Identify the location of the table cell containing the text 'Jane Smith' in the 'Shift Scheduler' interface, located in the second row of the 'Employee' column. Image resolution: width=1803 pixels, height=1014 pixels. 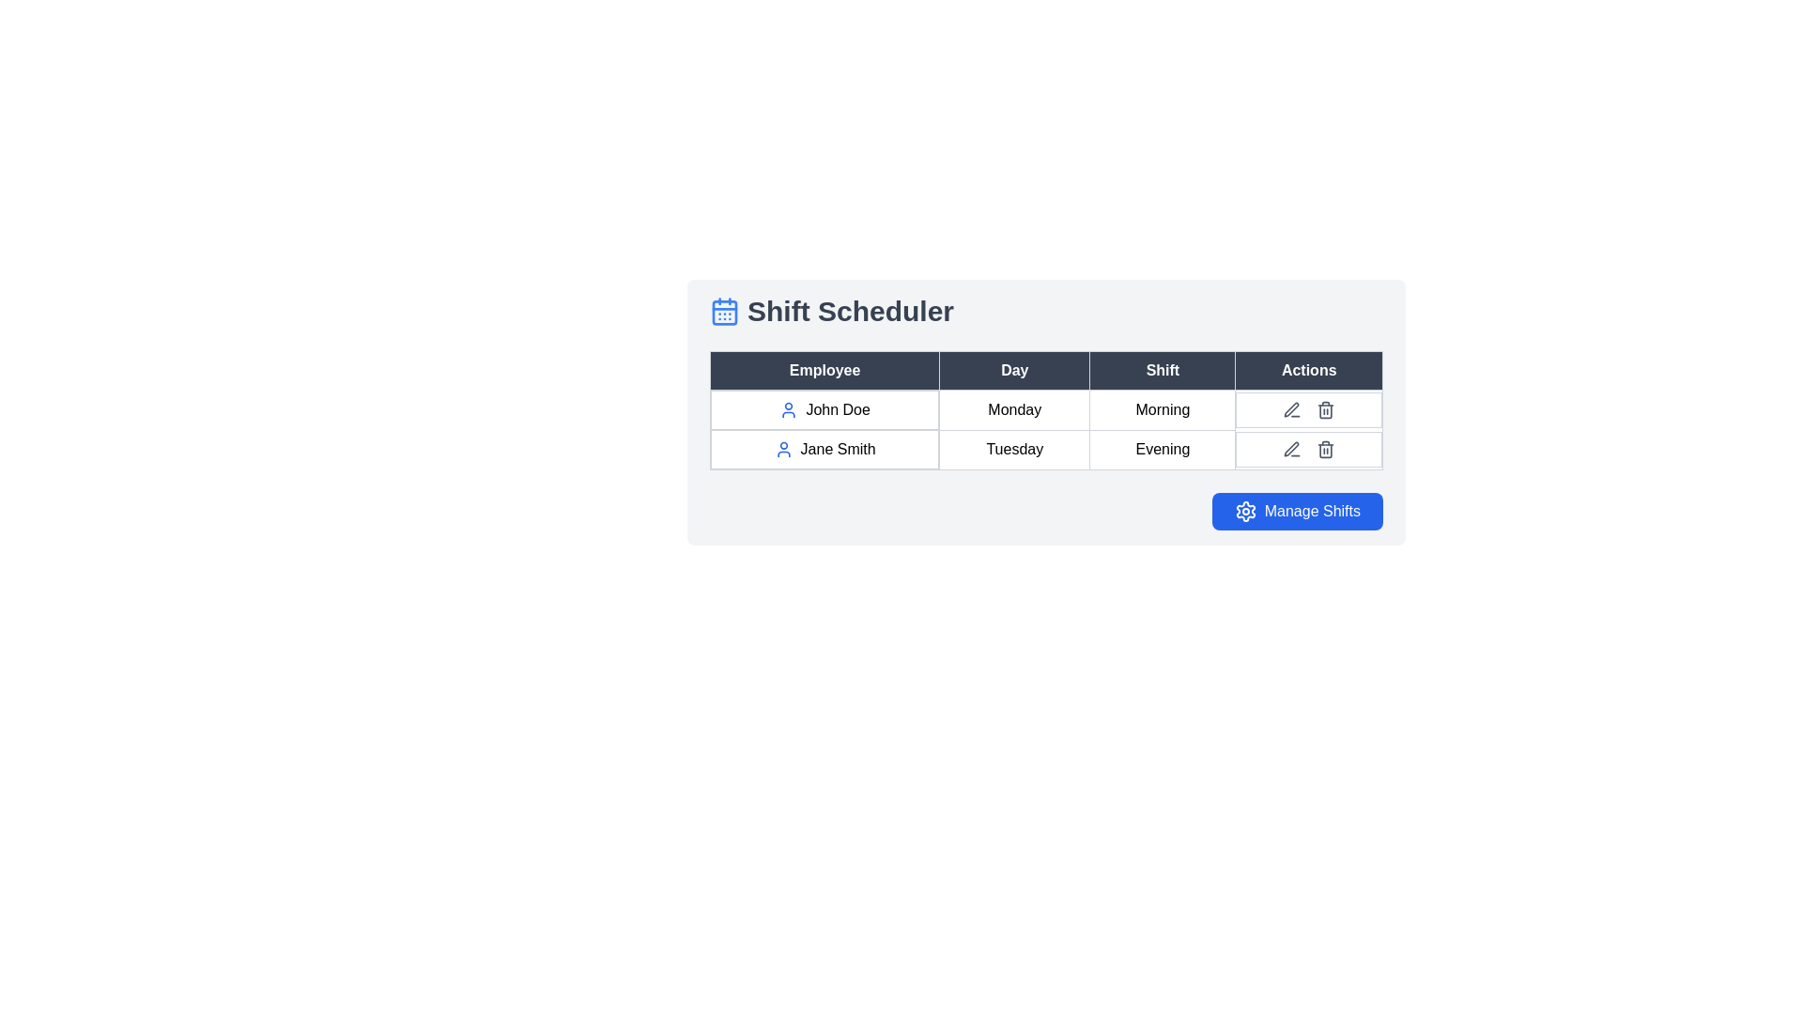
(824, 449).